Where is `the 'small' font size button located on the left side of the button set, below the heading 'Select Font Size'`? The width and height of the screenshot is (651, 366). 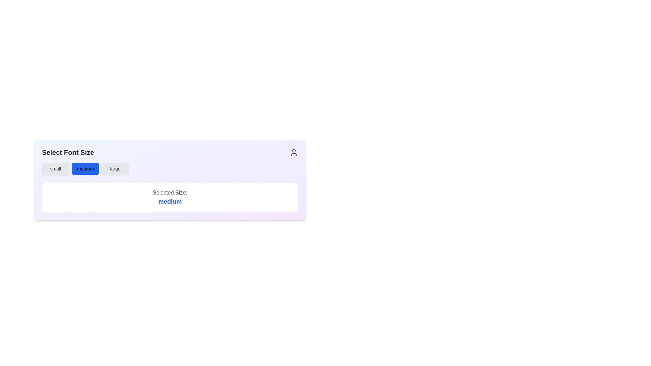
the 'small' font size button located on the left side of the button set, below the heading 'Select Font Size' is located at coordinates (55, 168).